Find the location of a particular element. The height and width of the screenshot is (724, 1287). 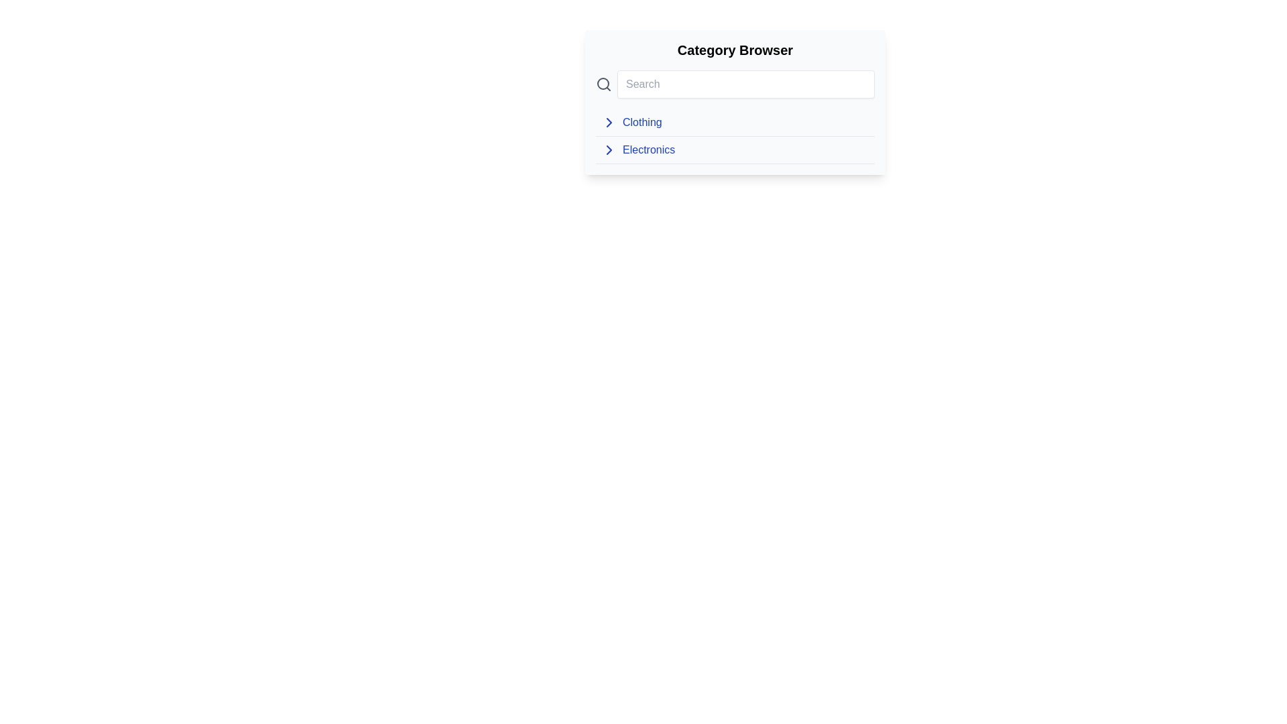

the 'Electronics' category selector menu item located under the 'Category Browser' is located at coordinates (735, 150).